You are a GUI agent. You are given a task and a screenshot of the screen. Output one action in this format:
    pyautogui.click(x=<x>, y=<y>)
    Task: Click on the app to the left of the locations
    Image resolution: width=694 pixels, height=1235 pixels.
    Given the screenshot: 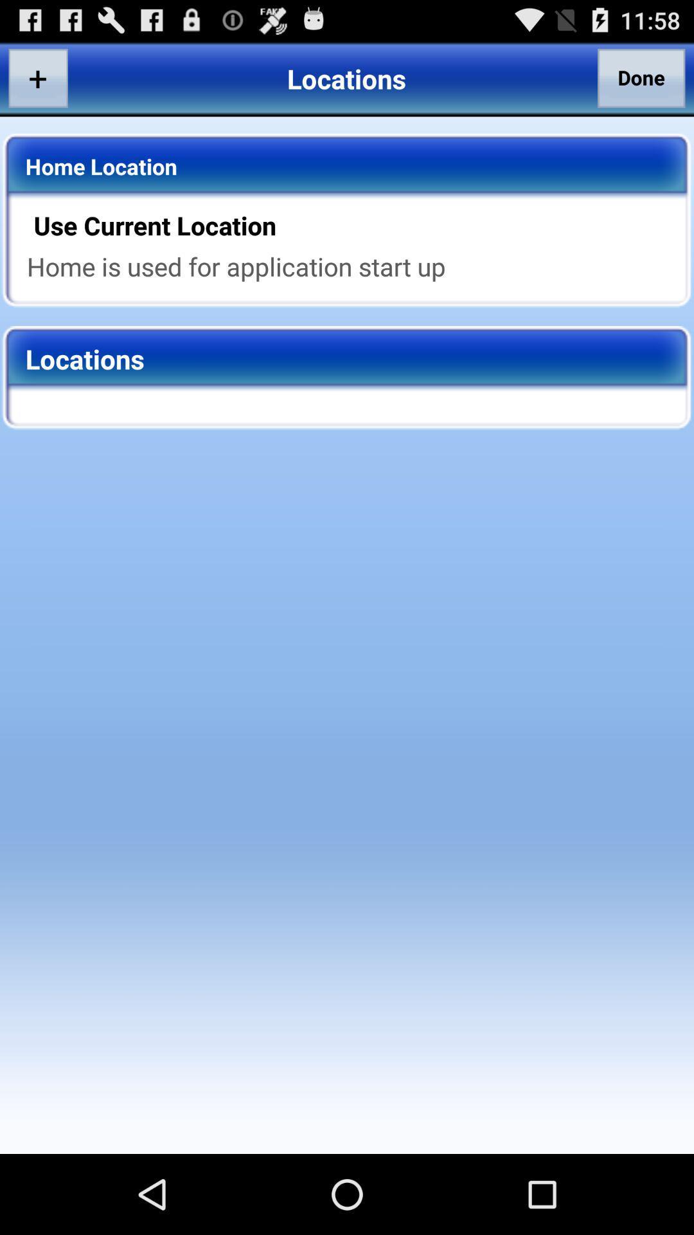 What is the action you would take?
    pyautogui.click(x=37, y=77)
    